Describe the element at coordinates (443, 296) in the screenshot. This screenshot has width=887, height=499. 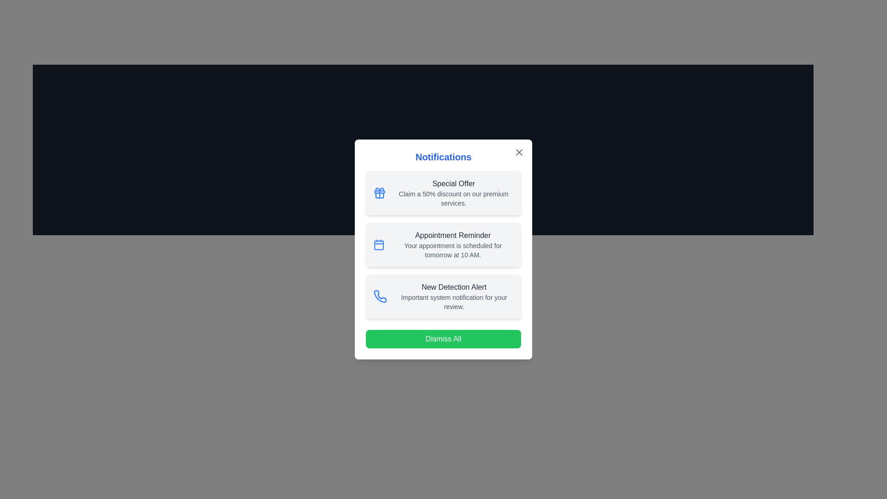
I see `the Notification panel, which is the third item in a vertical list of notifications within a modal dialog, positioned between the 'Appointment Reminder' and the 'Dismiss All' button` at that location.